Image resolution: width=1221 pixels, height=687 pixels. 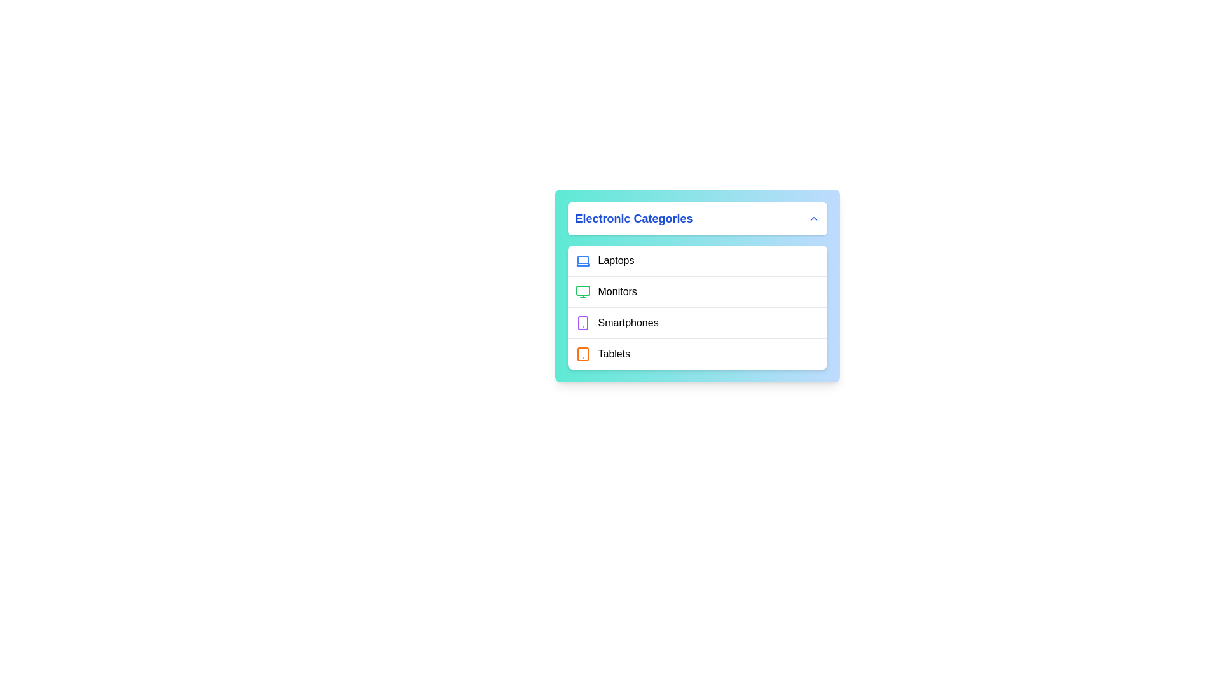 I want to click on the 'Laptops' category icon, which is the first graphical icon in the vertical list of categories located to the left of the 'Laptops' text description, so click(x=582, y=260).